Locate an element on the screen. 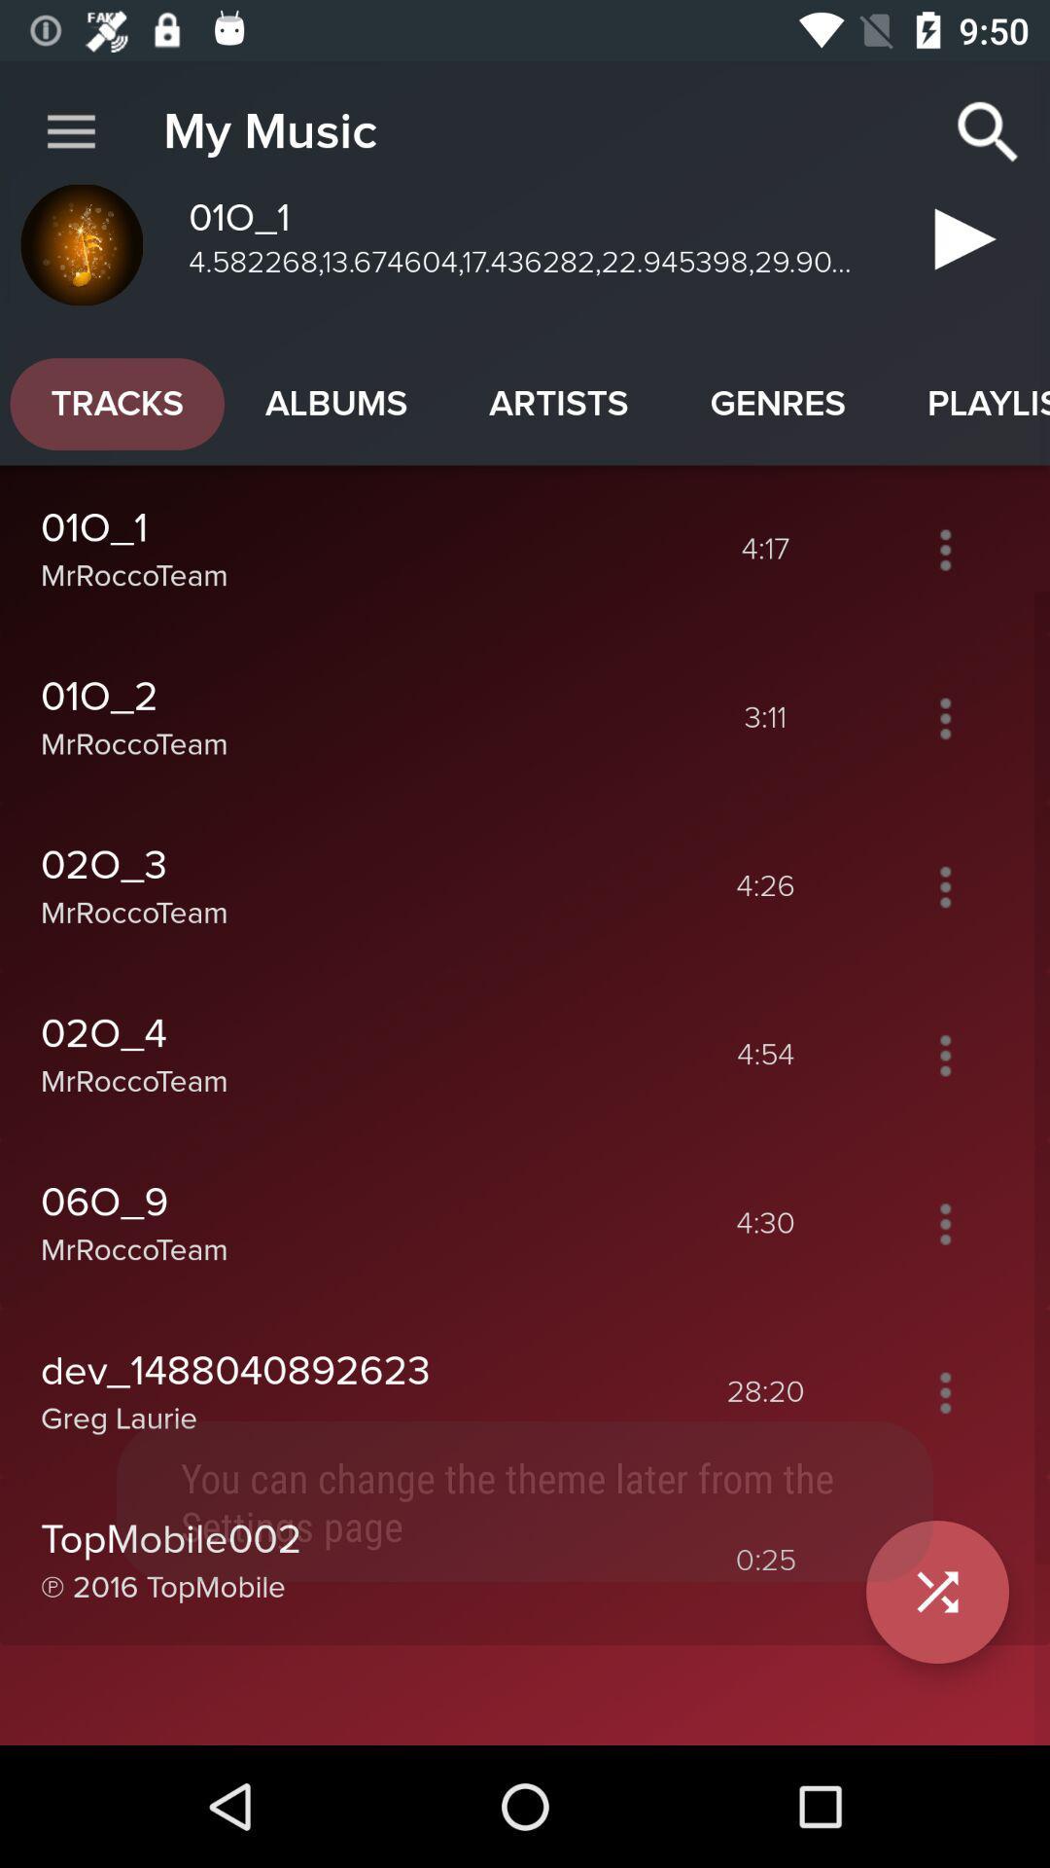 The height and width of the screenshot is (1868, 1050). app to the left of genres icon is located at coordinates (558, 403).